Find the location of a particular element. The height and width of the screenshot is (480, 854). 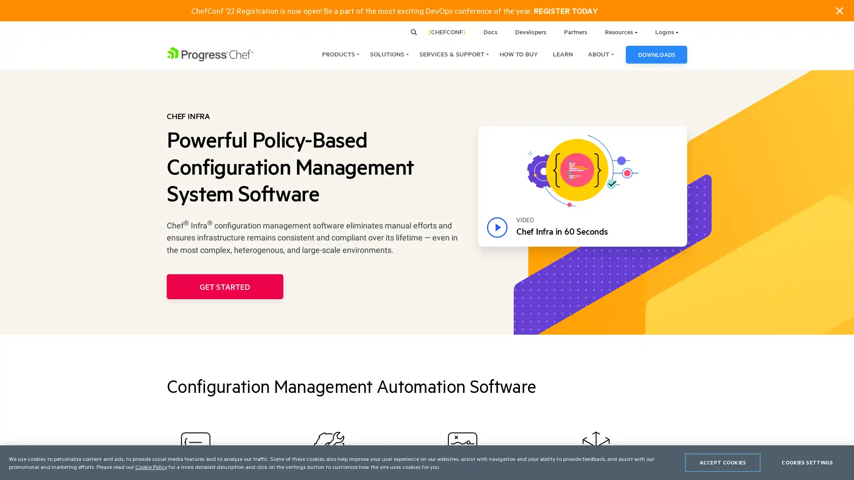

SERVICES & SUPPORT is located at coordinates (452, 54).